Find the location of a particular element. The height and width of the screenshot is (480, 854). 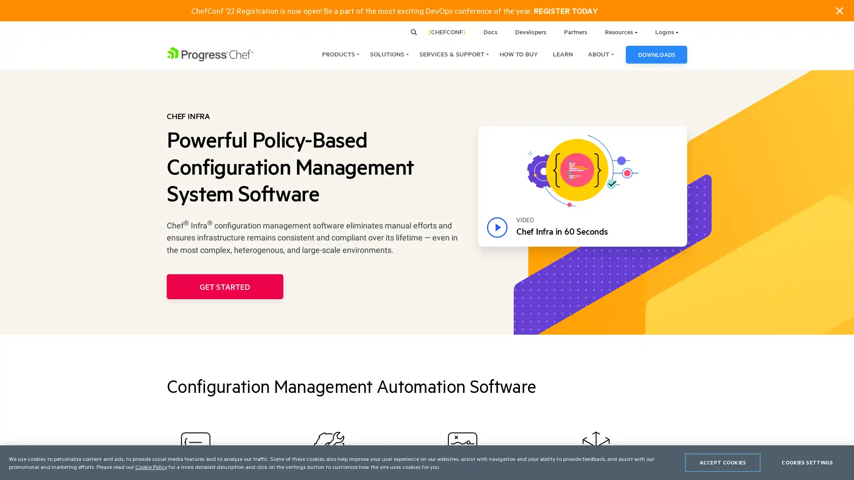

SERVICES & SUPPORT is located at coordinates (452, 54).